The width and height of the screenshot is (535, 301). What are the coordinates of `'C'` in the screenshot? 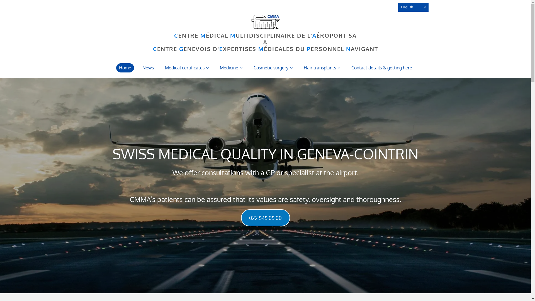 It's located at (176, 35).